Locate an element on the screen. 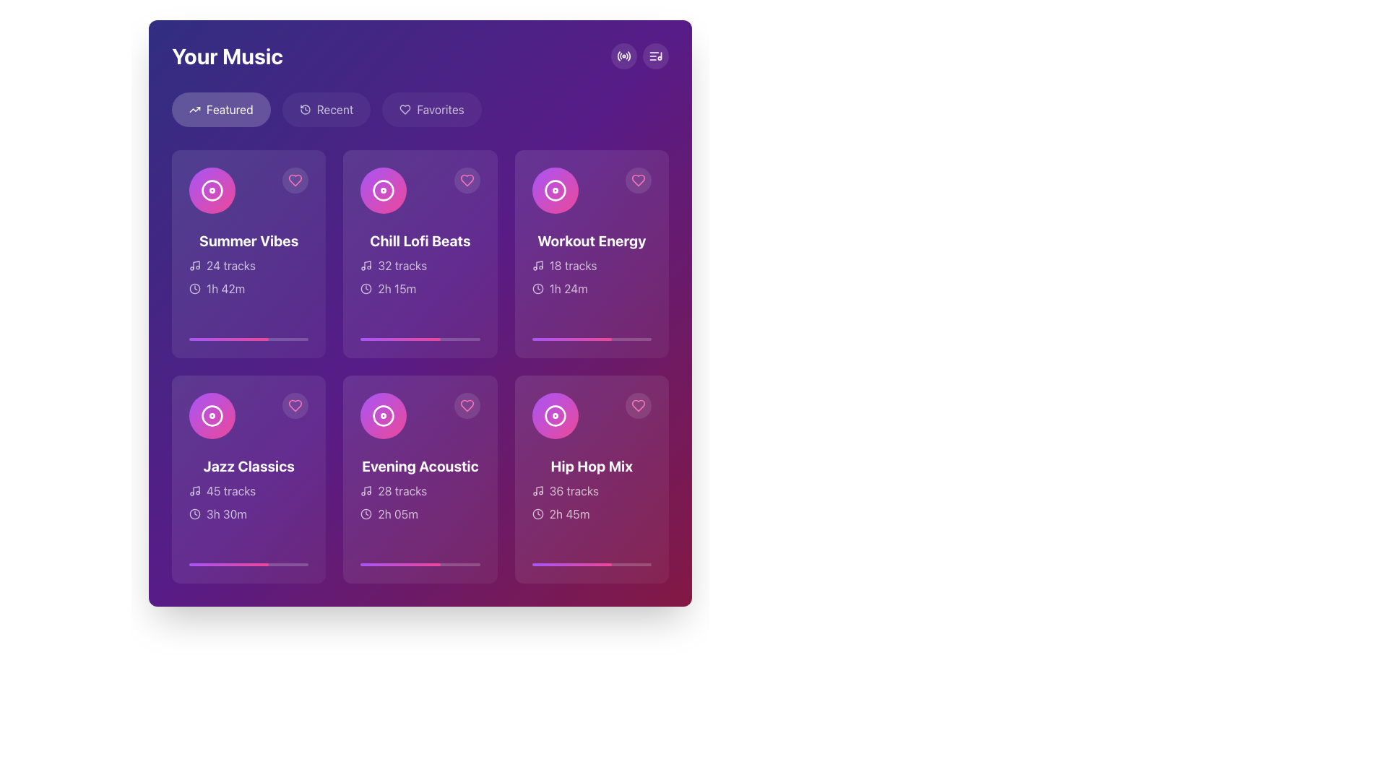 This screenshot has width=1387, height=780. the heart icon in the top-right corner of the 'Evening Acoustic' music card is located at coordinates (467, 406).